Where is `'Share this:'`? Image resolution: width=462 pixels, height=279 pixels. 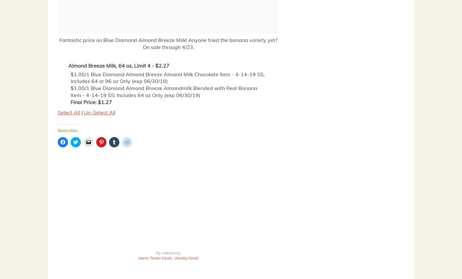
'Share this:' is located at coordinates (68, 130).